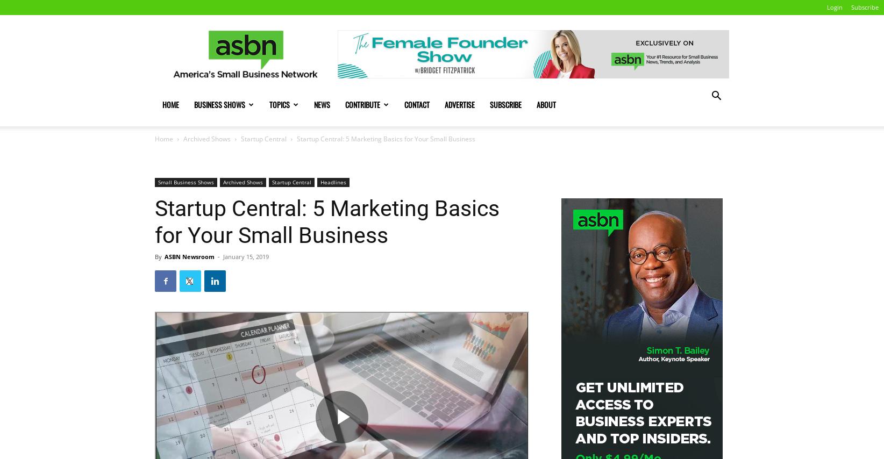  What do you see at coordinates (431, 54) in the screenshot?
I see `'Search'` at bounding box center [431, 54].